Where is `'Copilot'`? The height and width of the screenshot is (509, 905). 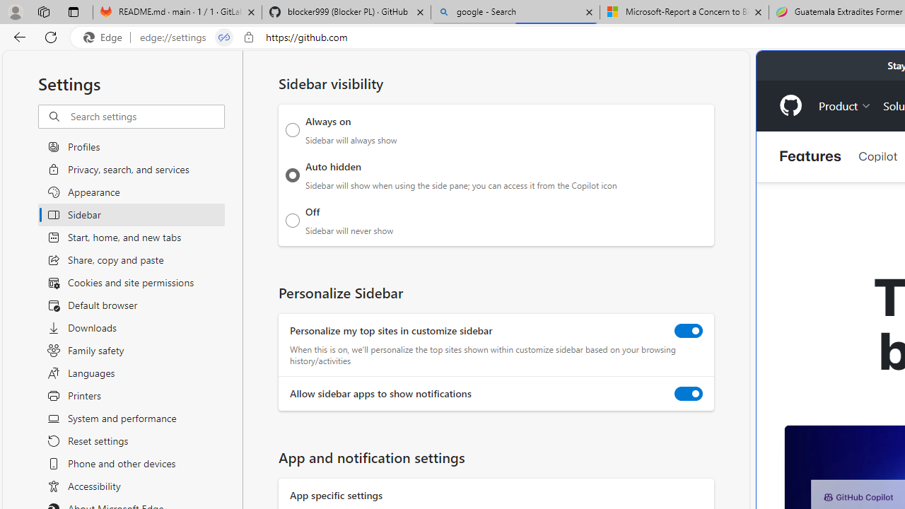 'Copilot' is located at coordinates (877, 156).